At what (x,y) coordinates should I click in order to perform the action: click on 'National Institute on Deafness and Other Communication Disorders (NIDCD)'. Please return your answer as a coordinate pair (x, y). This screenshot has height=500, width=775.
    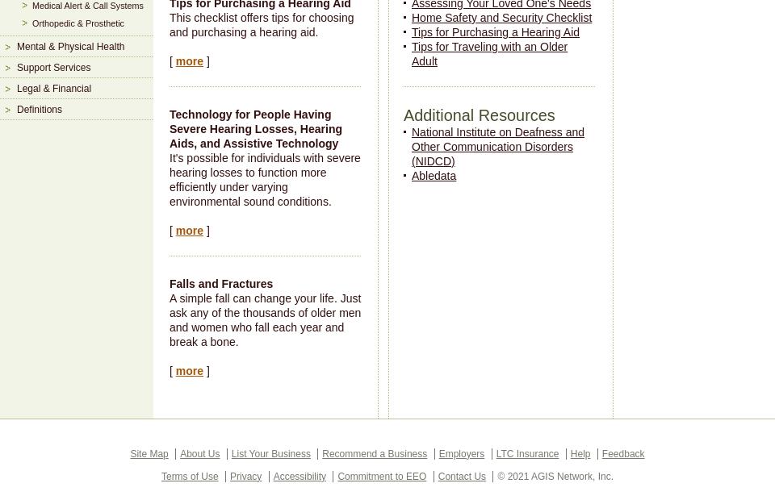
    Looking at the image, I should click on (496, 144).